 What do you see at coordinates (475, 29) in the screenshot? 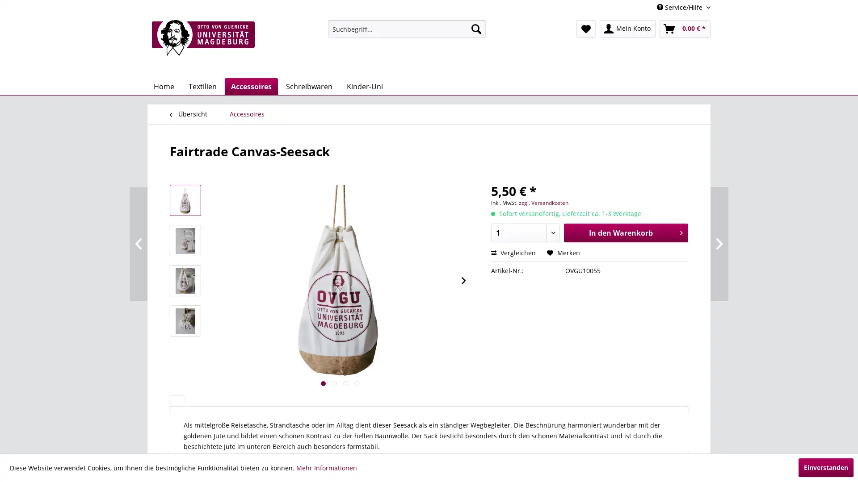
I see `Suchen` at bounding box center [475, 29].